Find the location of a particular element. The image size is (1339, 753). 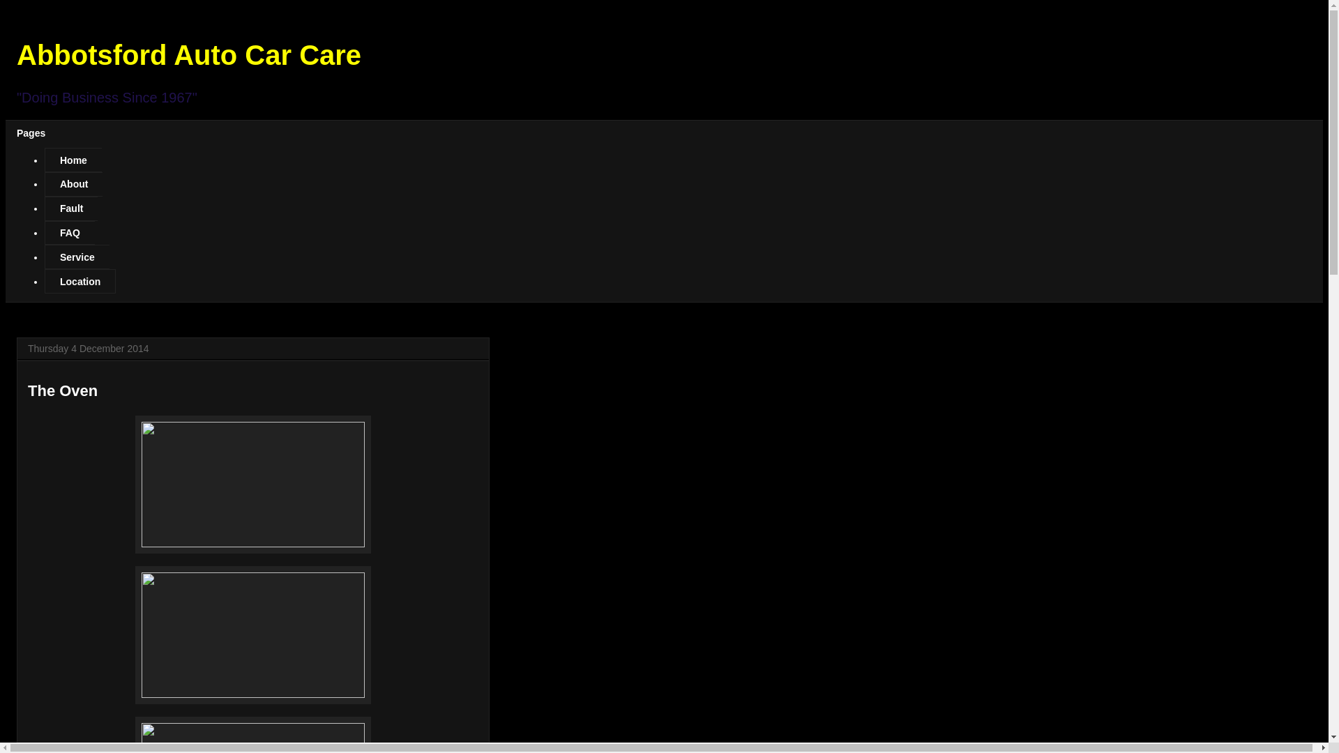

'FAQ' is located at coordinates (69, 232).